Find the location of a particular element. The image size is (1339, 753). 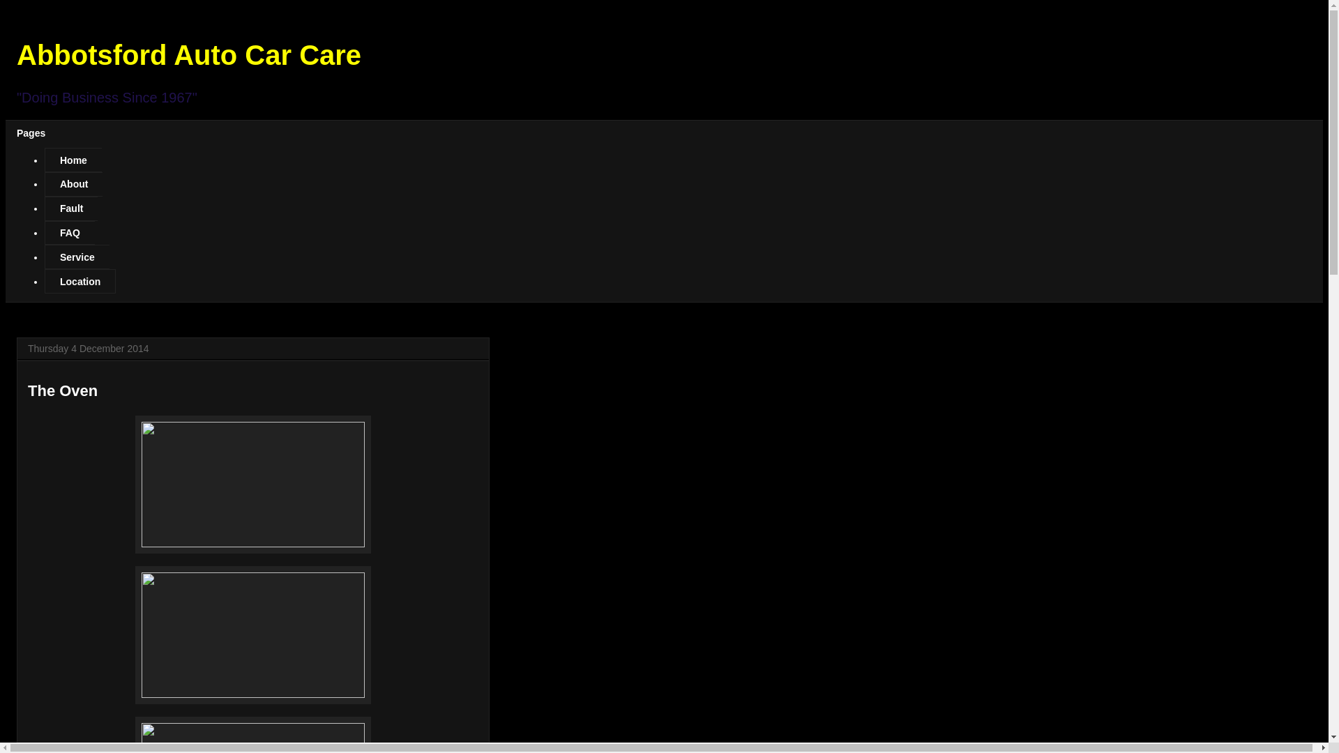

'FAQ' is located at coordinates (69, 232).